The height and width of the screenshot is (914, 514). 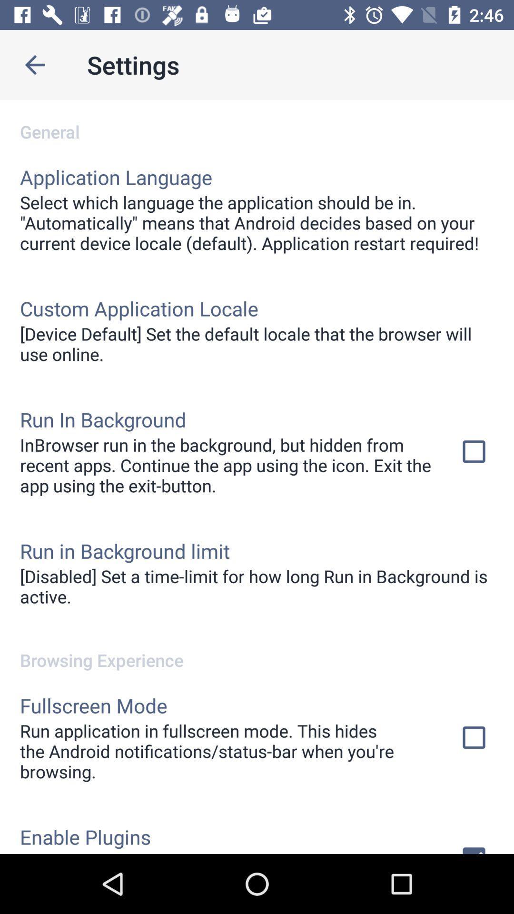 What do you see at coordinates (34, 64) in the screenshot?
I see `the app above general app` at bounding box center [34, 64].